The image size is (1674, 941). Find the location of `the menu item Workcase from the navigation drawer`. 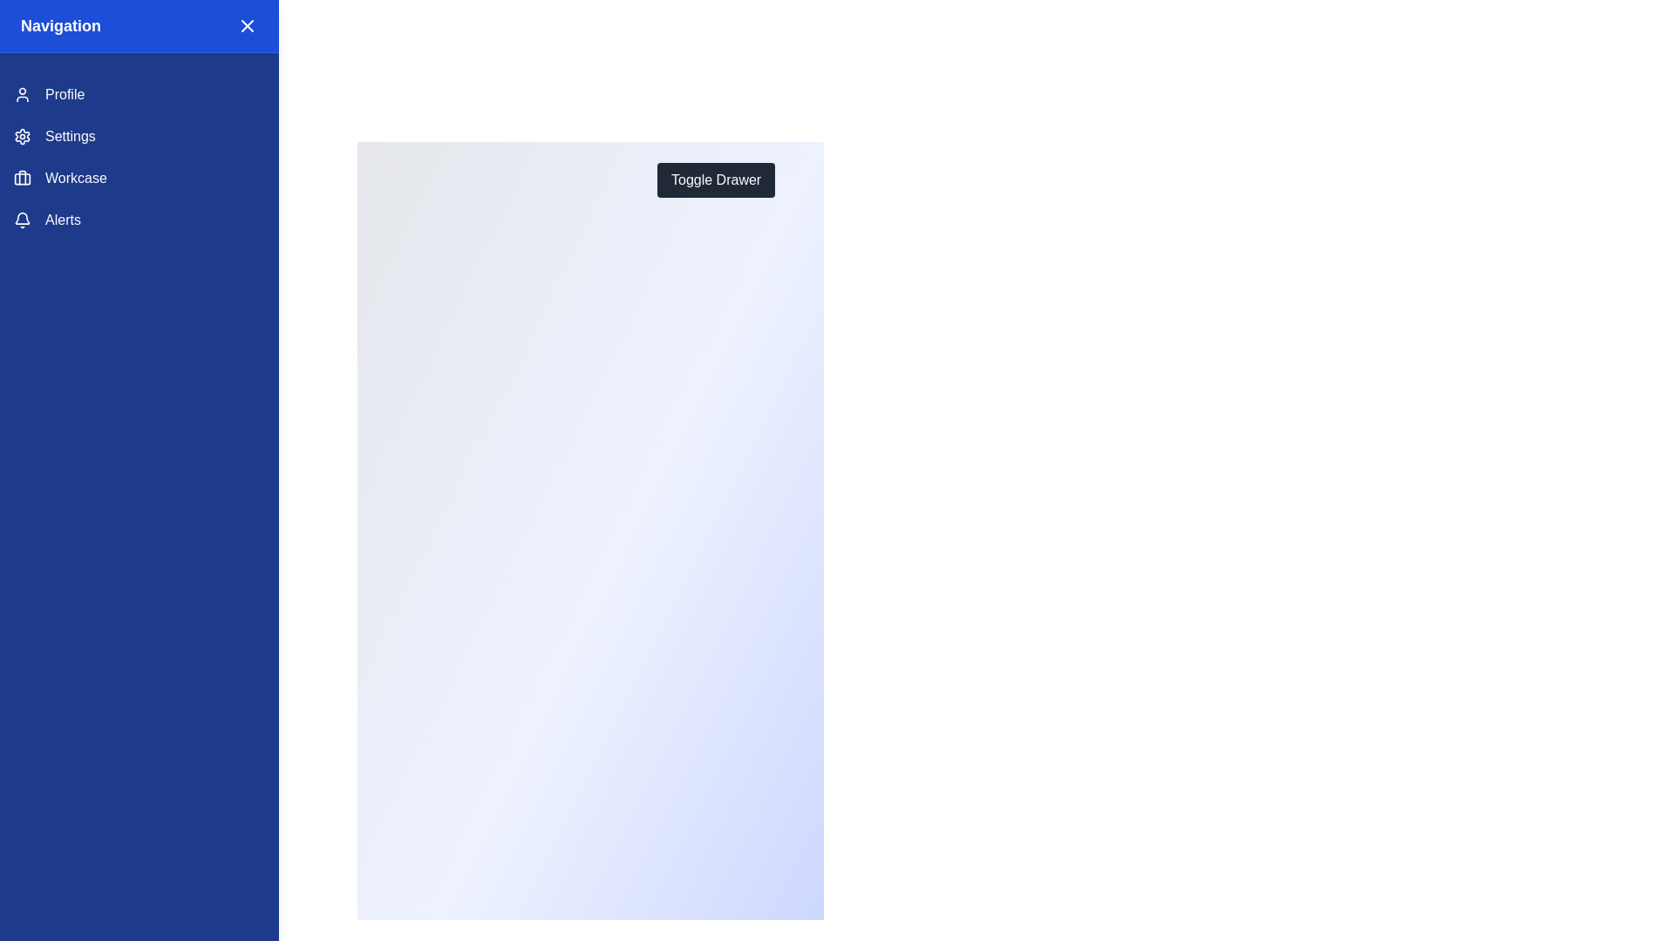

the menu item Workcase from the navigation drawer is located at coordinates (138, 178).